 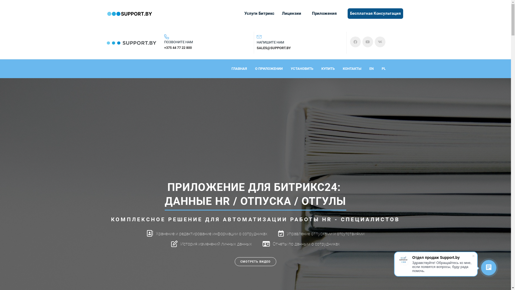 I want to click on 'PL', so click(x=383, y=68).